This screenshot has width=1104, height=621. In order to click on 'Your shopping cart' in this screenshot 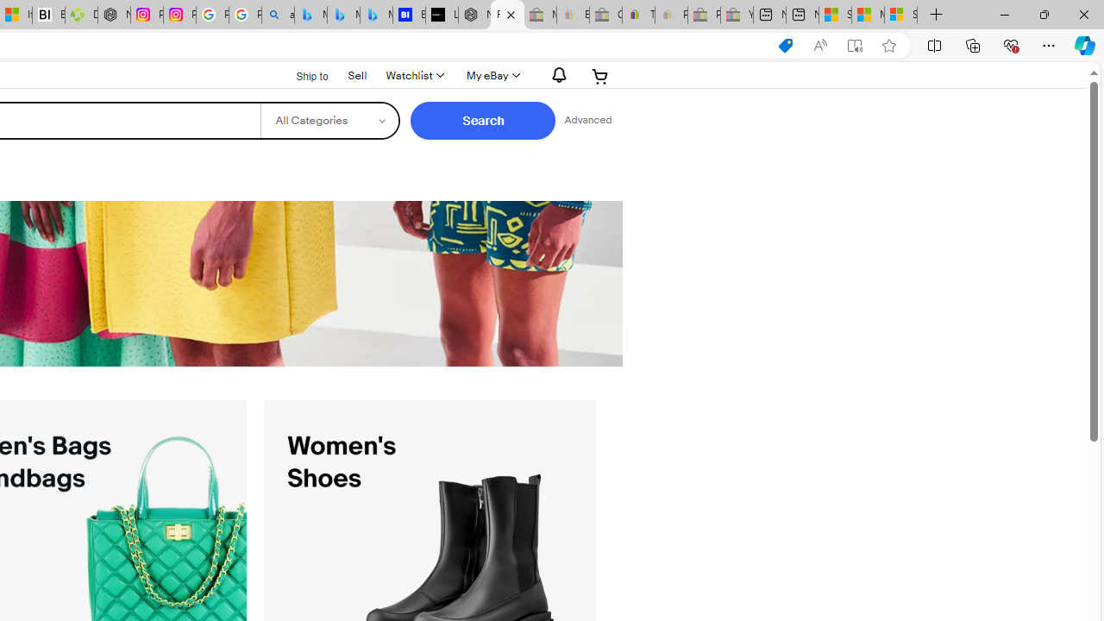, I will do `click(600, 75)`.